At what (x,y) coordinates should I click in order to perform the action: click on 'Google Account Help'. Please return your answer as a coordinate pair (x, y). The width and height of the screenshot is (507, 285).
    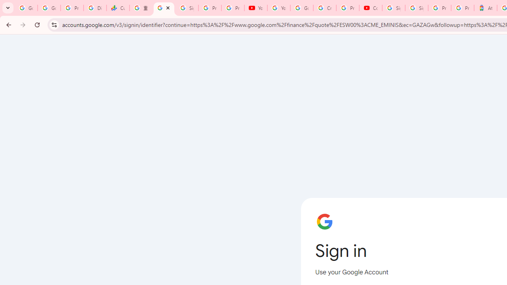
    Looking at the image, I should click on (301, 8).